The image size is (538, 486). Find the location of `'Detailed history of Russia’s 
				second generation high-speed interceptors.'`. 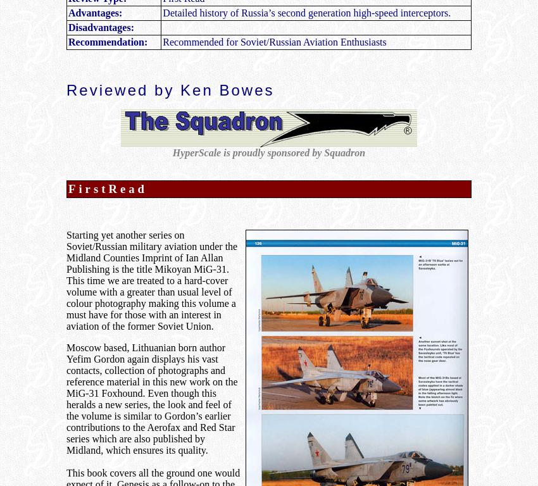

'Detailed history of Russia’s 
				second generation high-speed interceptors.' is located at coordinates (306, 12).